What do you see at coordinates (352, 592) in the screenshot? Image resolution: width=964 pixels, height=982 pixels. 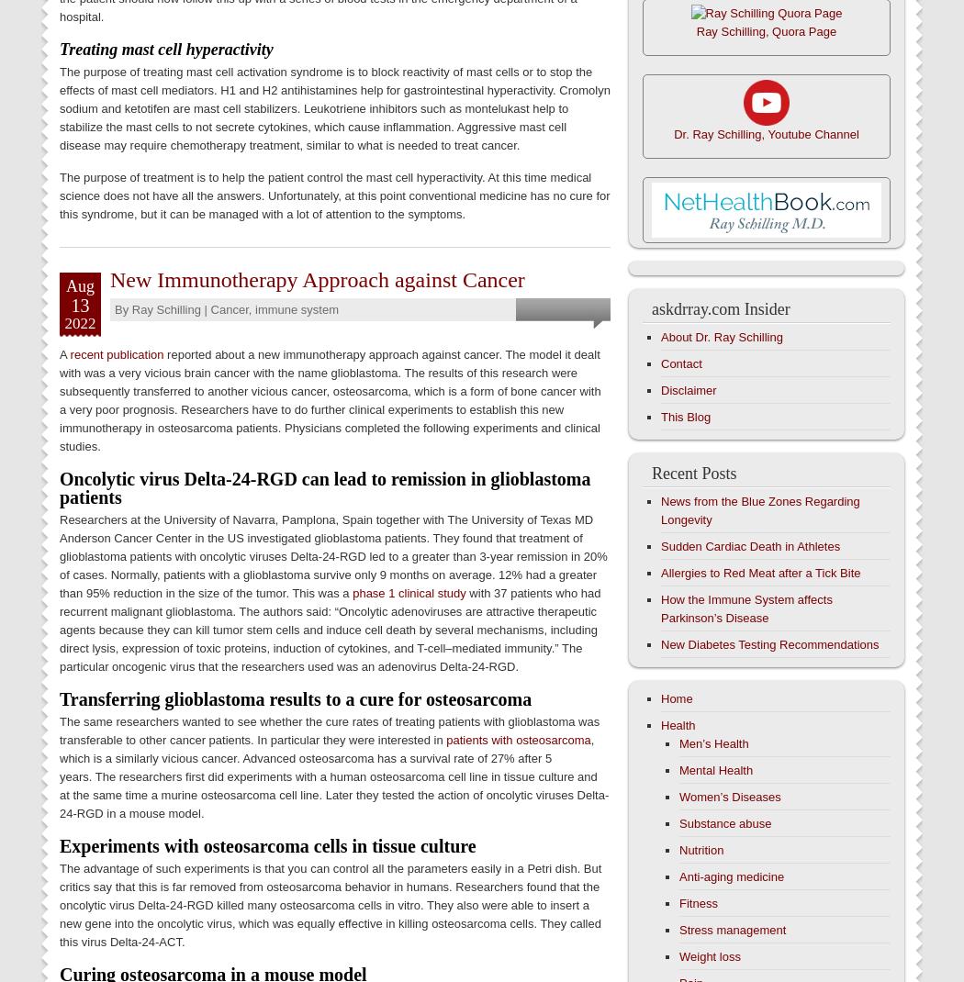 I see `'phase 1 clinical study'` at bounding box center [352, 592].